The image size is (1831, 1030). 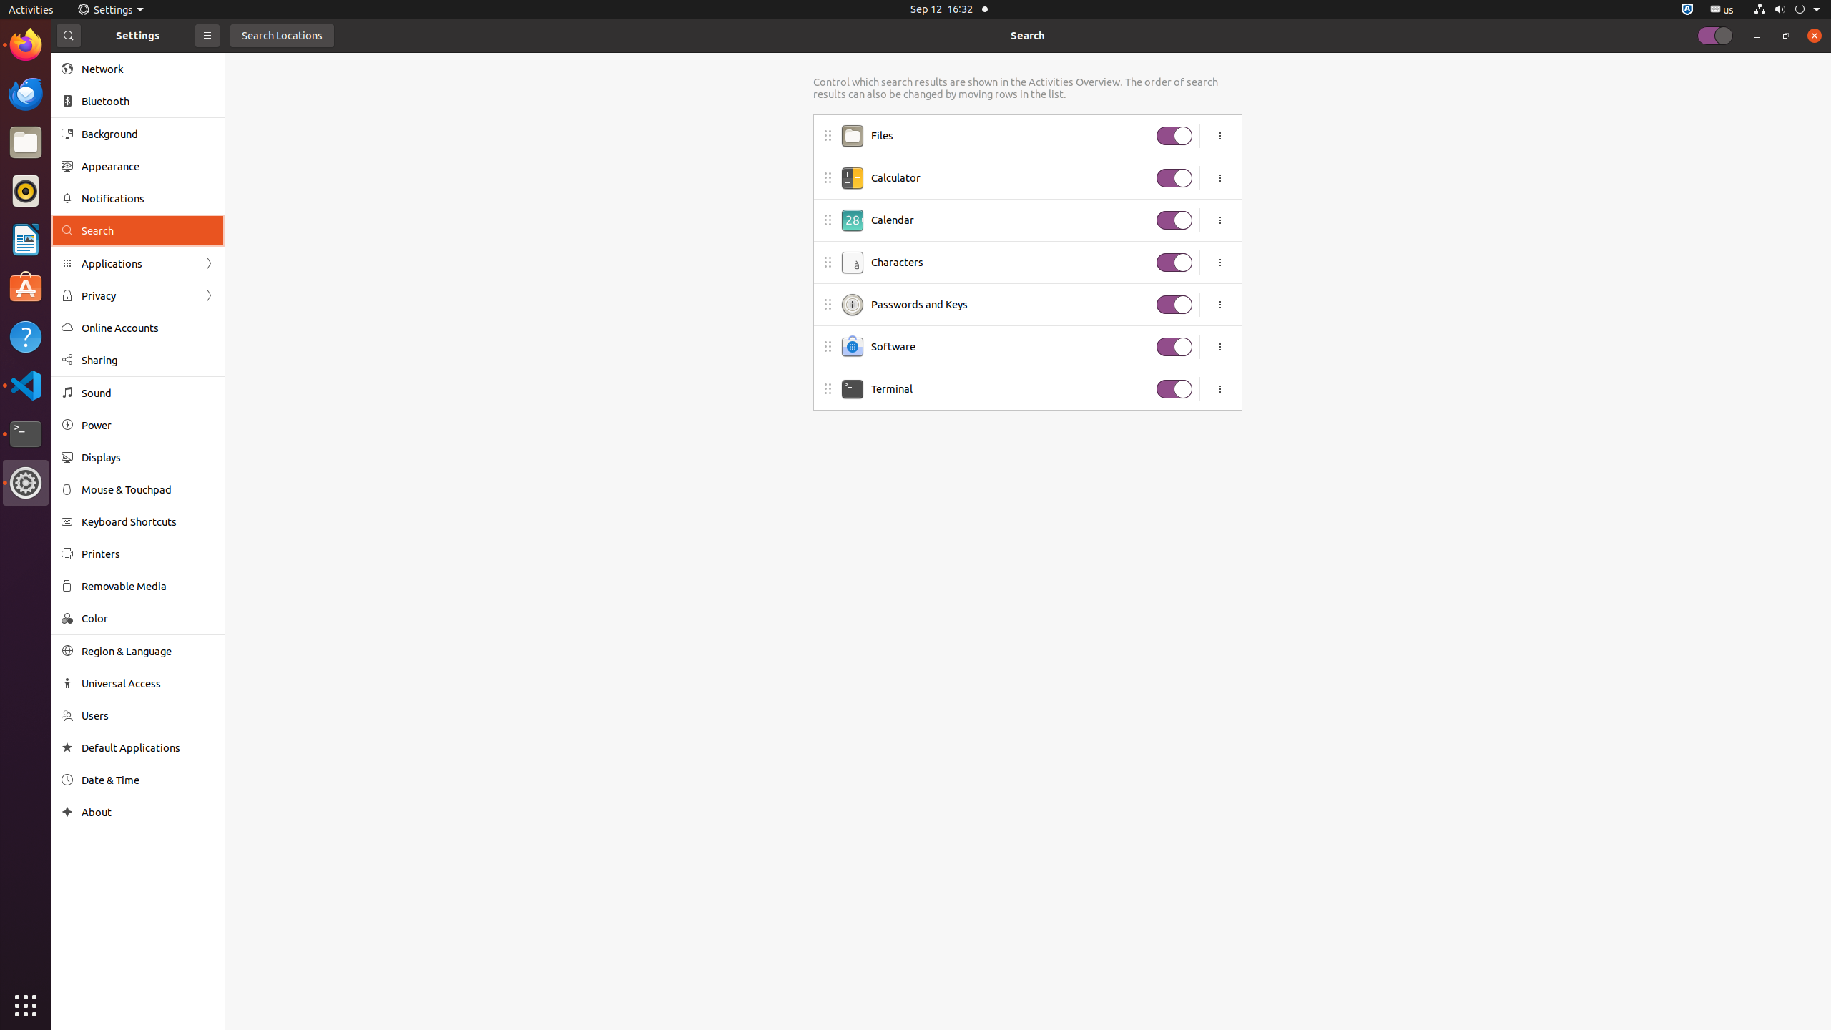 I want to click on 'Control which search results are shown in the Activities Overview. The order of search results can also be changed by moving rows in the list.', so click(x=1026, y=87).